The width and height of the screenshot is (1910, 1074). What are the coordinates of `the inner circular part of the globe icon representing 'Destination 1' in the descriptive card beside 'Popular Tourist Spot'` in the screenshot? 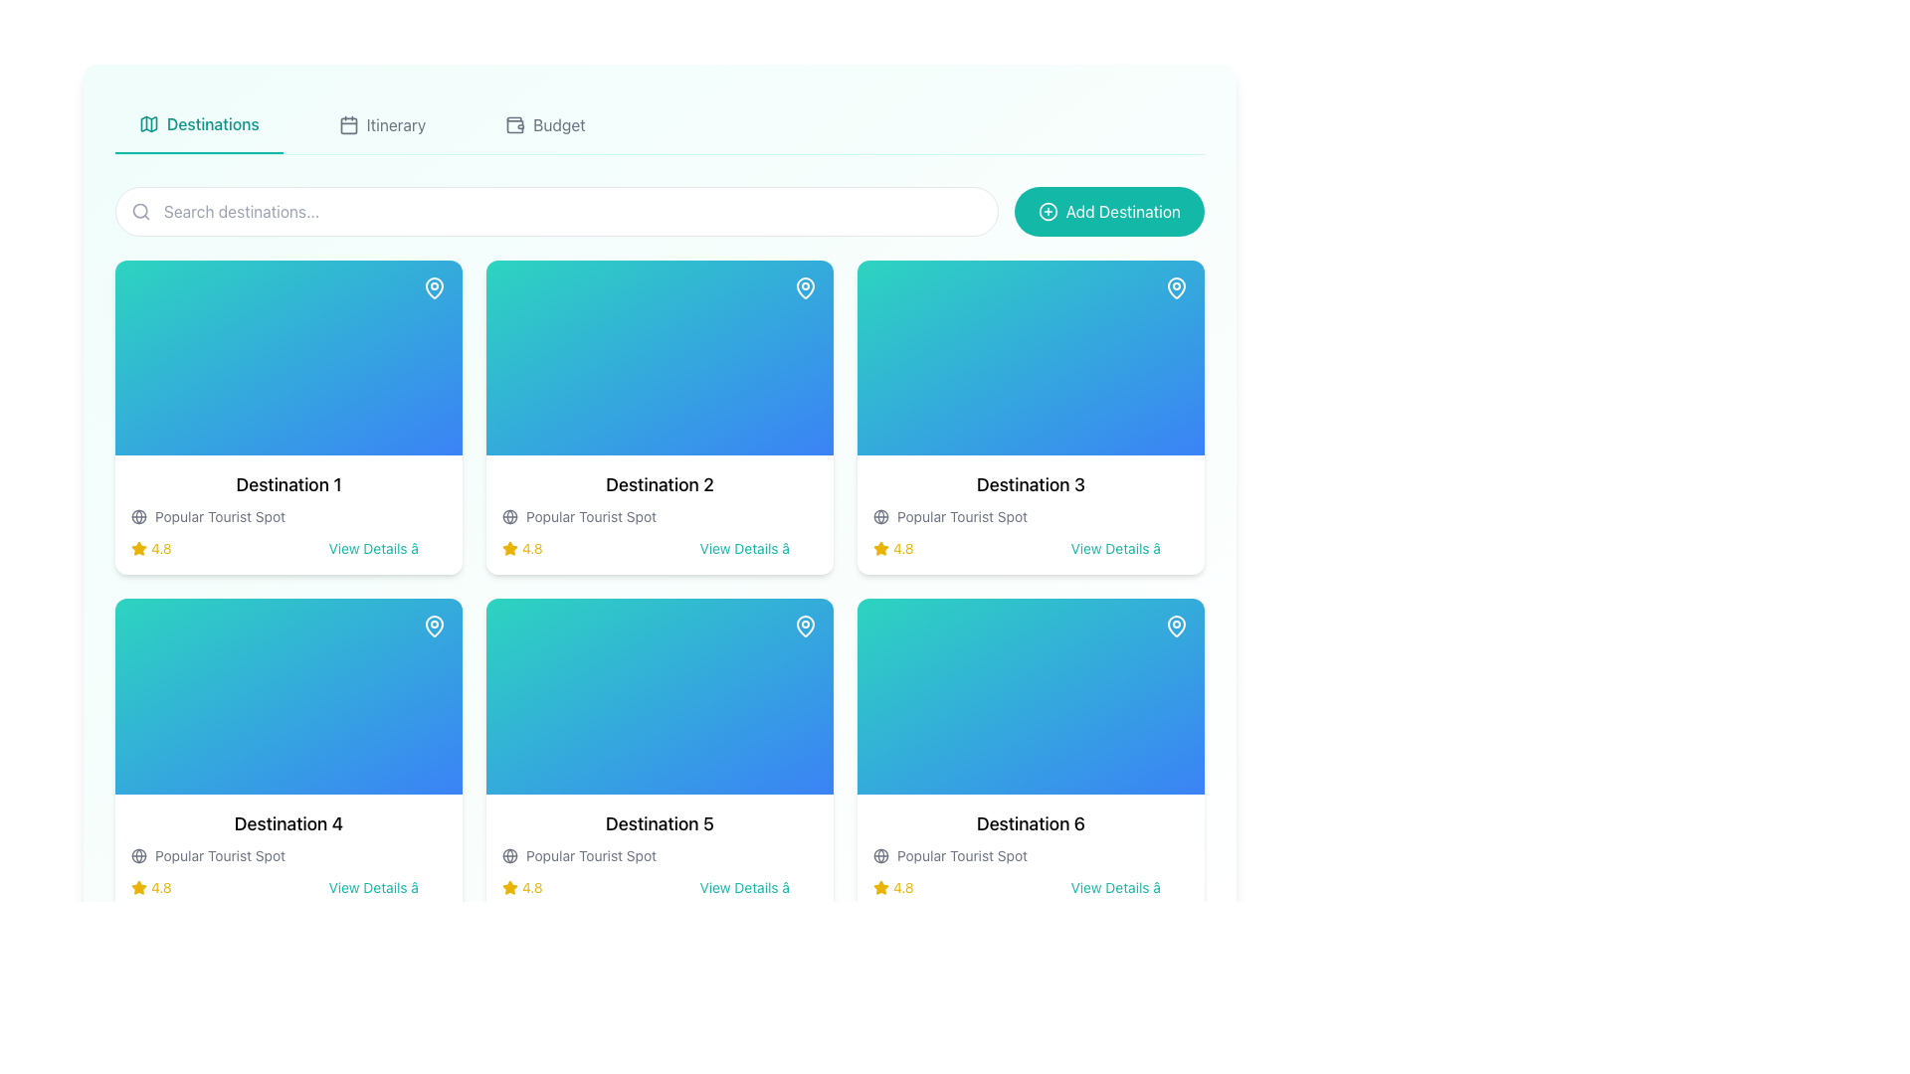 It's located at (510, 516).